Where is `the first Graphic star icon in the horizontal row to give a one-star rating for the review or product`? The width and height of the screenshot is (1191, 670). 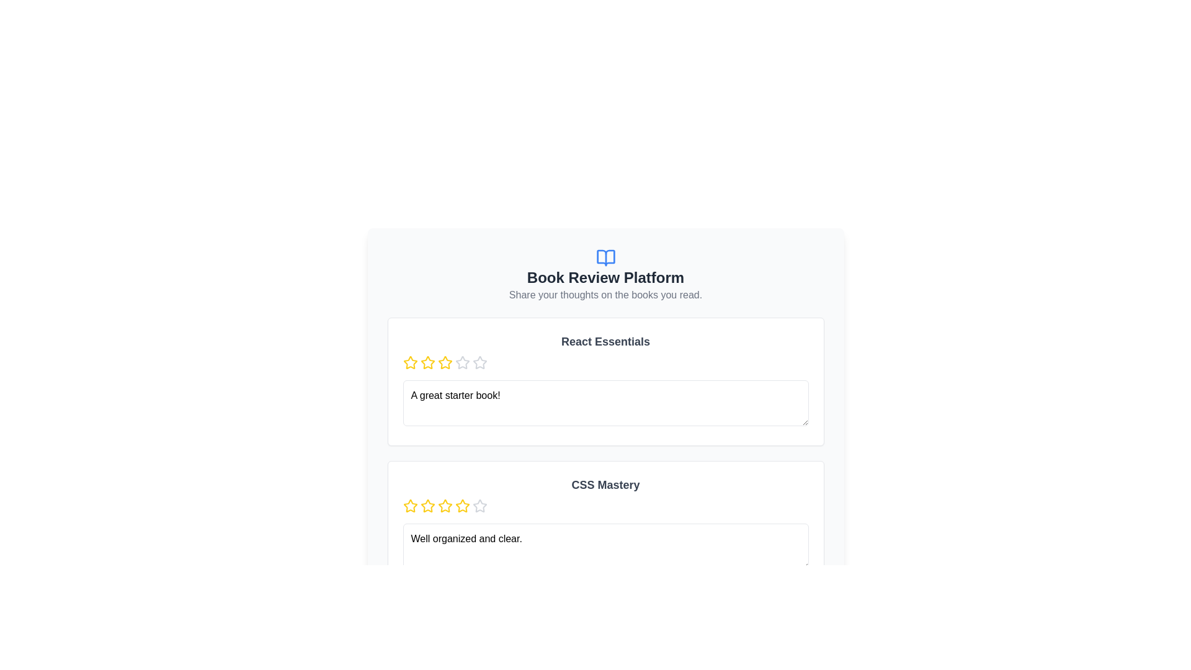
the first Graphic star icon in the horizontal row to give a one-star rating for the review or product is located at coordinates (410, 362).